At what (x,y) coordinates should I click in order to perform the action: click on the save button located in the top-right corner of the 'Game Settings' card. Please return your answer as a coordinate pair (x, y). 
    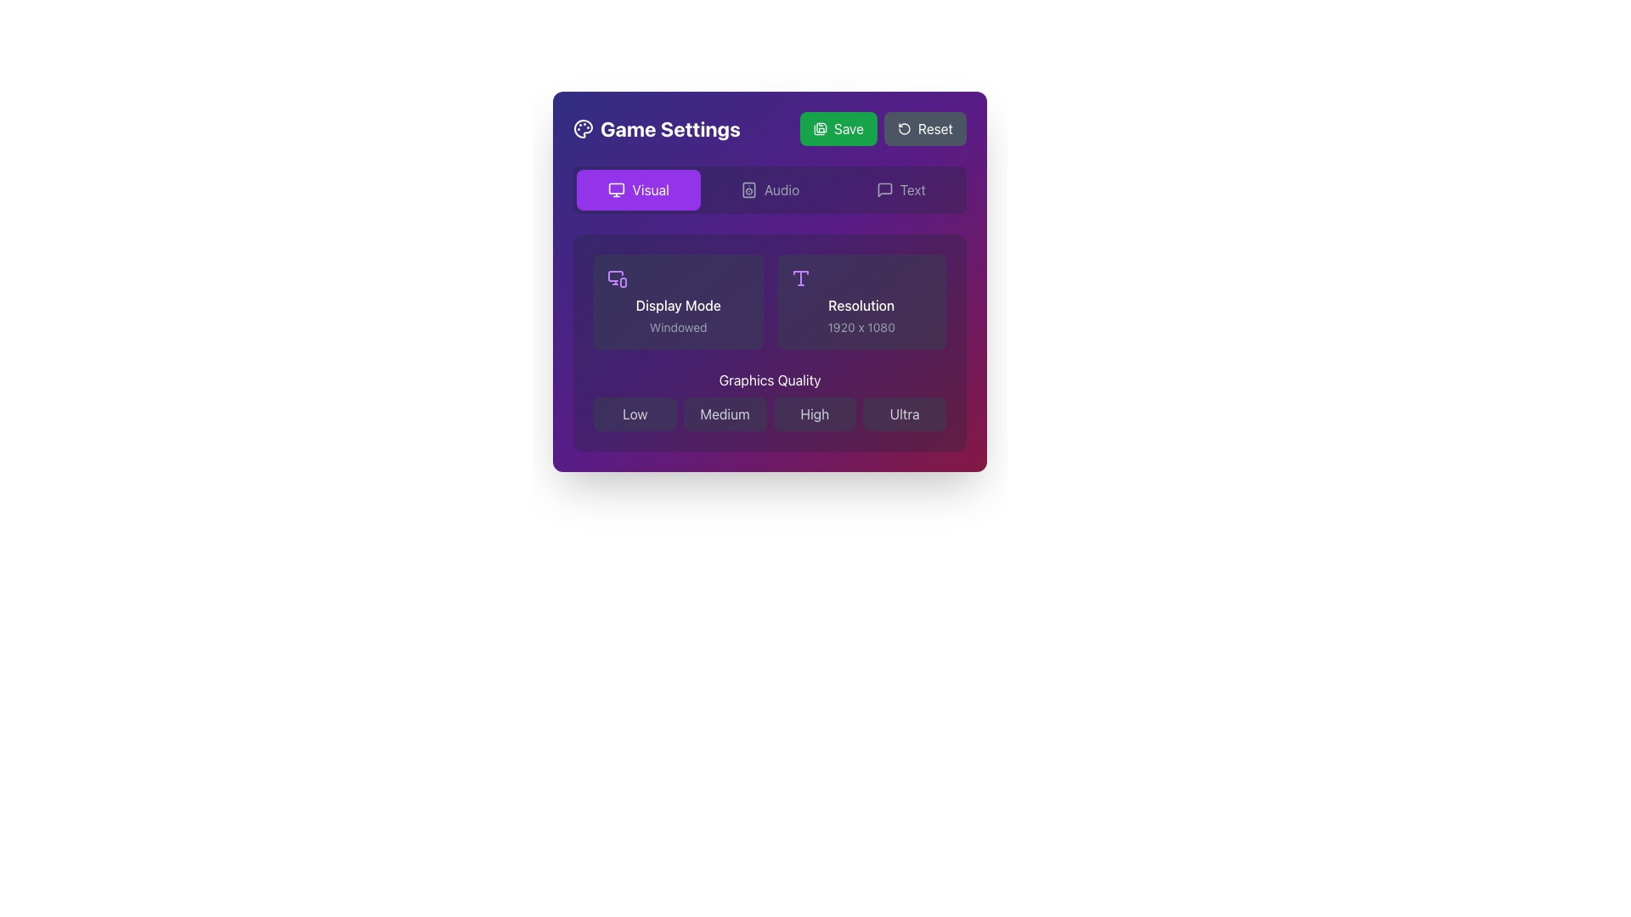
    Looking at the image, I should click on (838, 127).